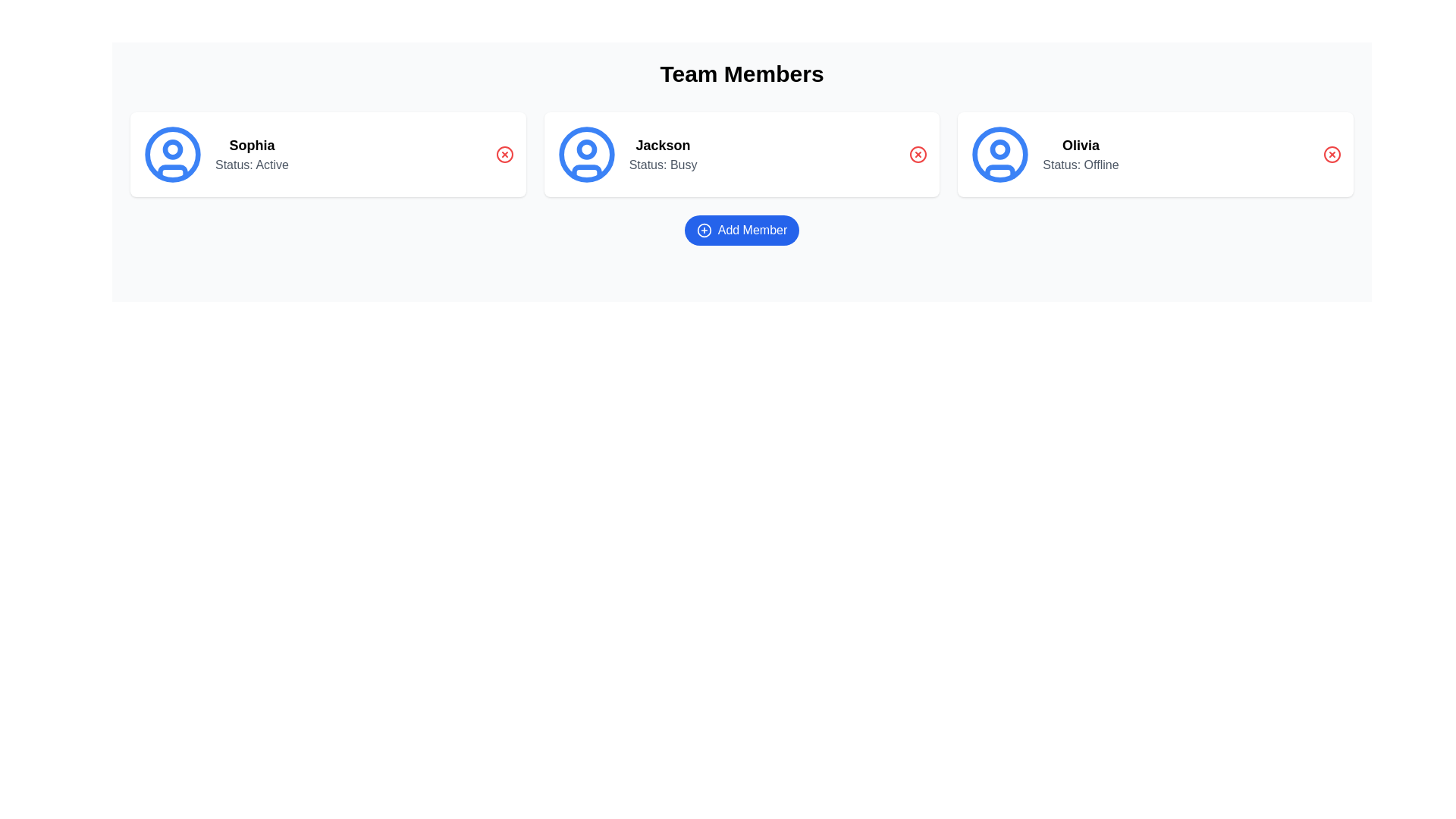  What do you see at coordinates (1043, 155) in the screenshot?
I see `the user information card for 'Olivia', which is the third card in a horizontal layout, to select it` at bounding box center [1043, 155].